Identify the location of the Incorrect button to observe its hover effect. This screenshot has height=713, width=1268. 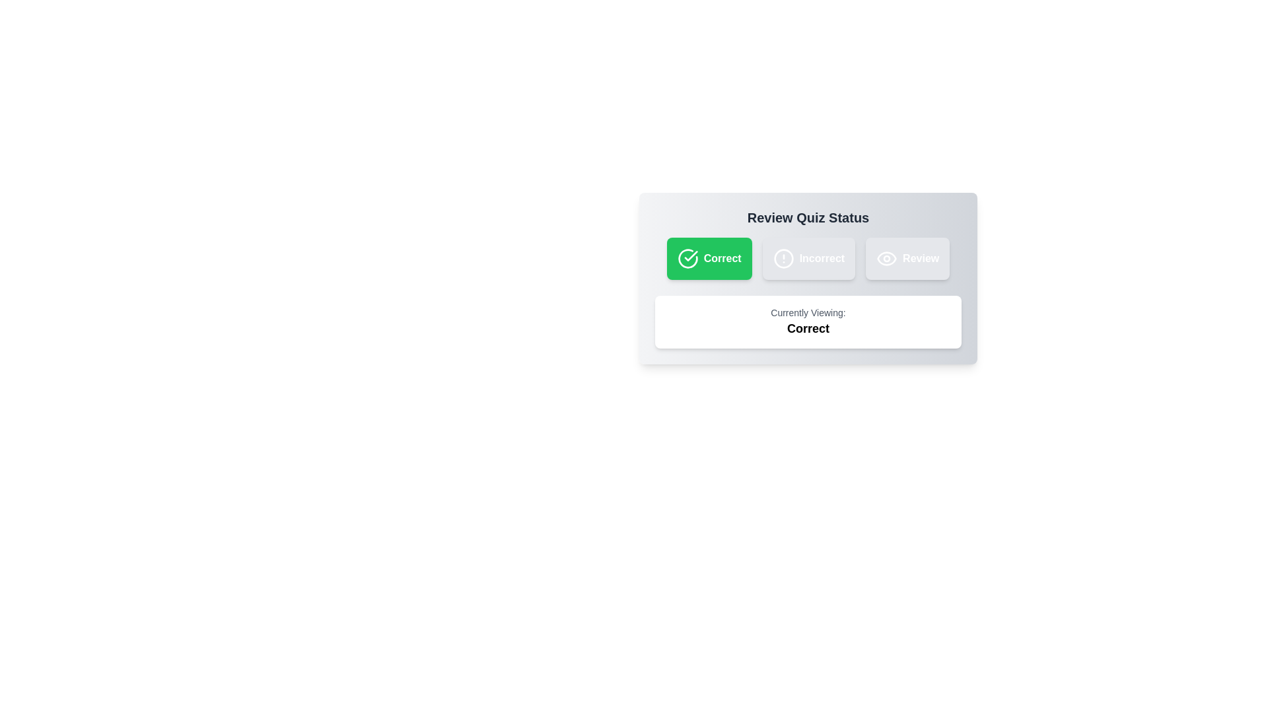
(808, 259).